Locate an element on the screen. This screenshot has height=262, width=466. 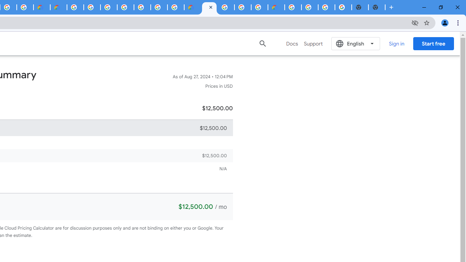
'Support' is located at coordinates (313, 43).